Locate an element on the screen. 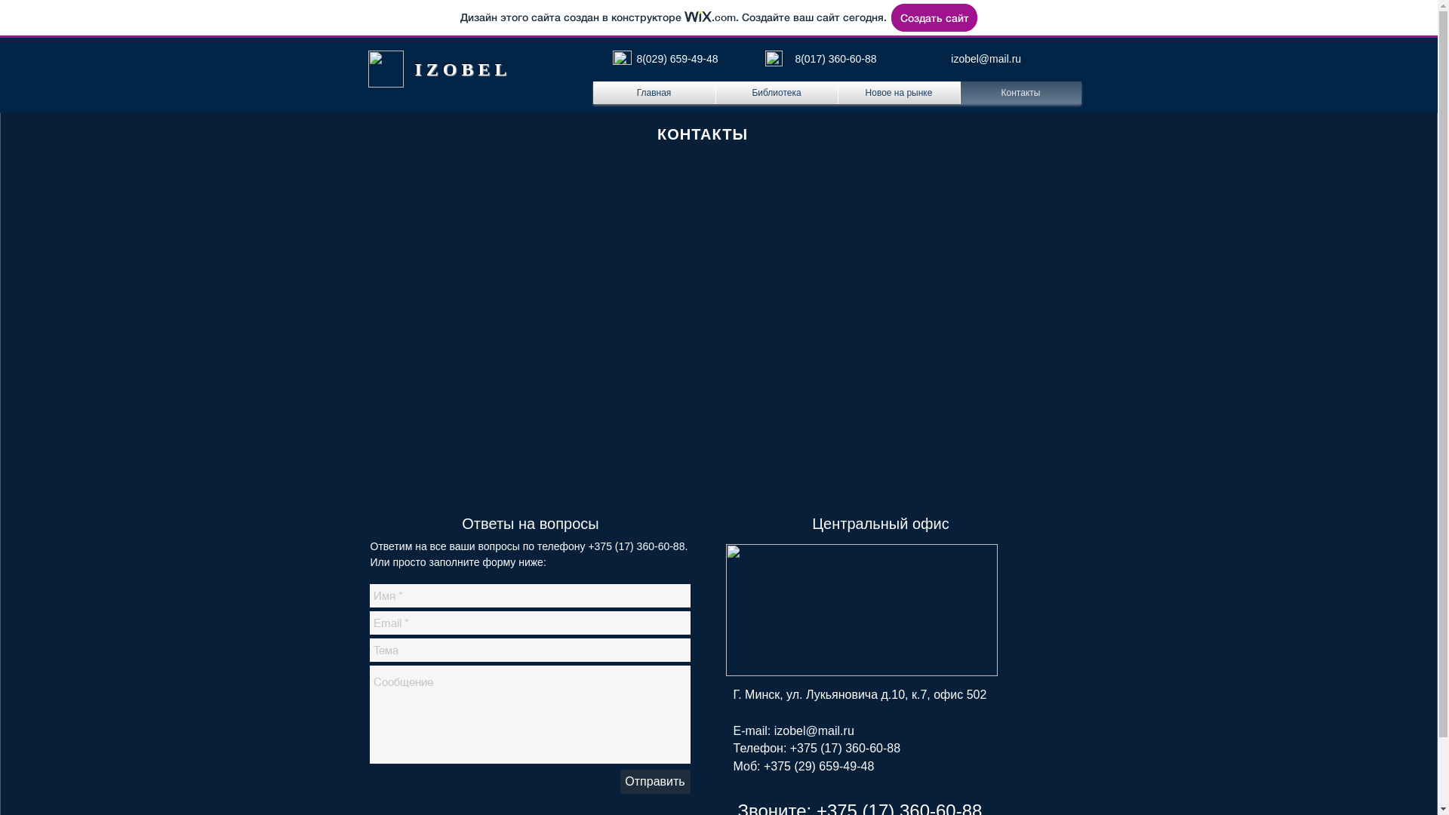 The width and height of the screenshot is (1449, 815). 'izobel@mail.ru' is located at coordinates (814, 730).